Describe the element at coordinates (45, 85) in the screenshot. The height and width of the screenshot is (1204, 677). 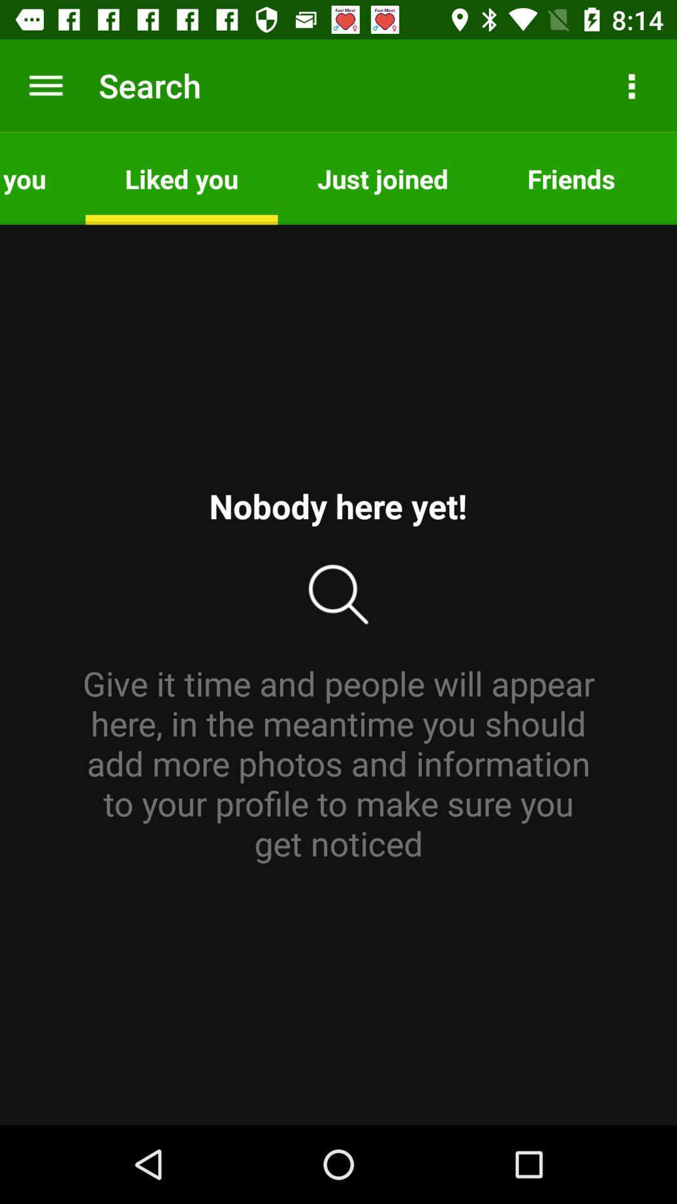
I see `icon next to search icon` at that location.